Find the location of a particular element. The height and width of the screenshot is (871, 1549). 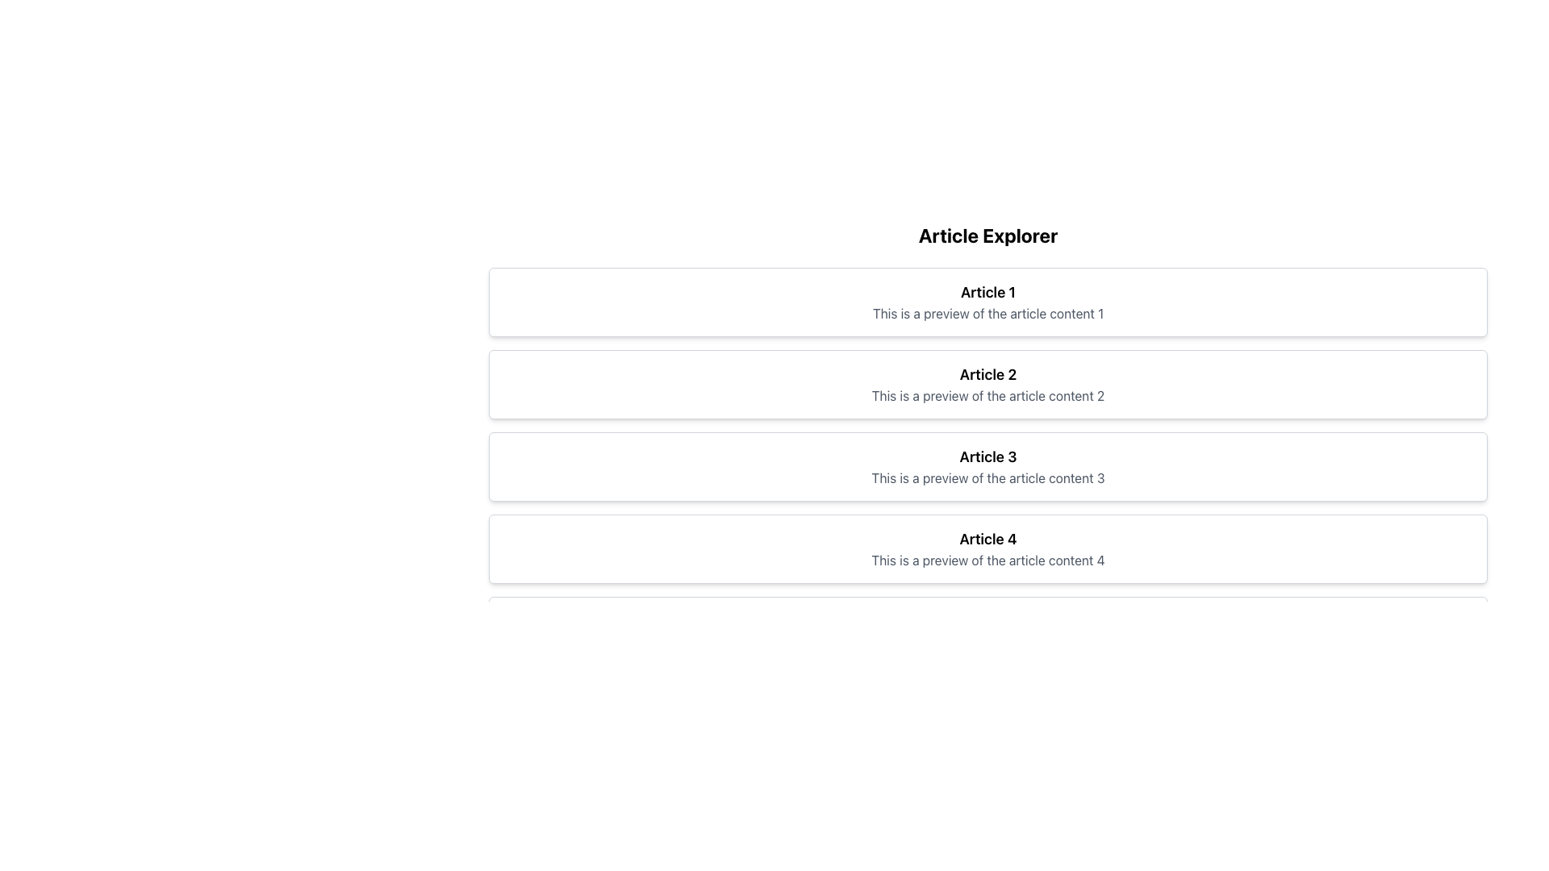

the text element that reads 'This is a preview of the article content 2', which is styled in gray and located below 'Article 2' within a card component is located at coordinates (987, 395).